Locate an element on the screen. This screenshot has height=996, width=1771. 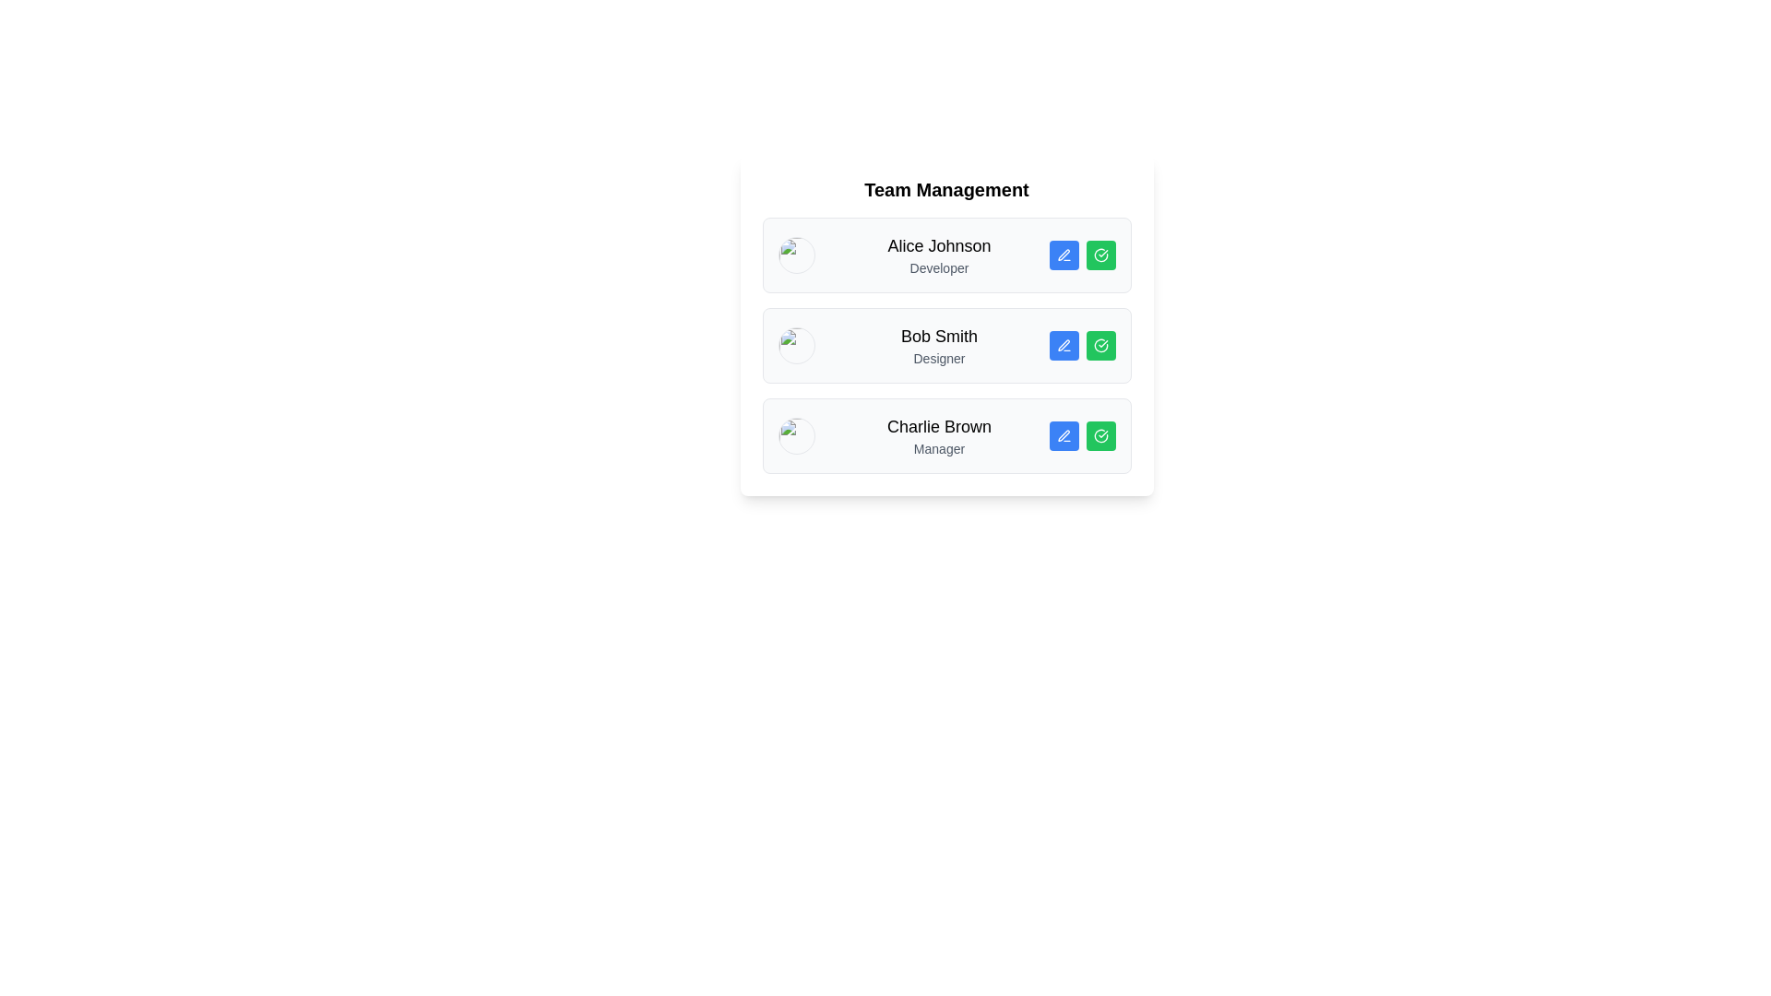
the image placeholder representing the user 'Alice Johnson' located on the left side of the card labeled 'Alice Johnson Developer' is located at coordinates (796, 255).